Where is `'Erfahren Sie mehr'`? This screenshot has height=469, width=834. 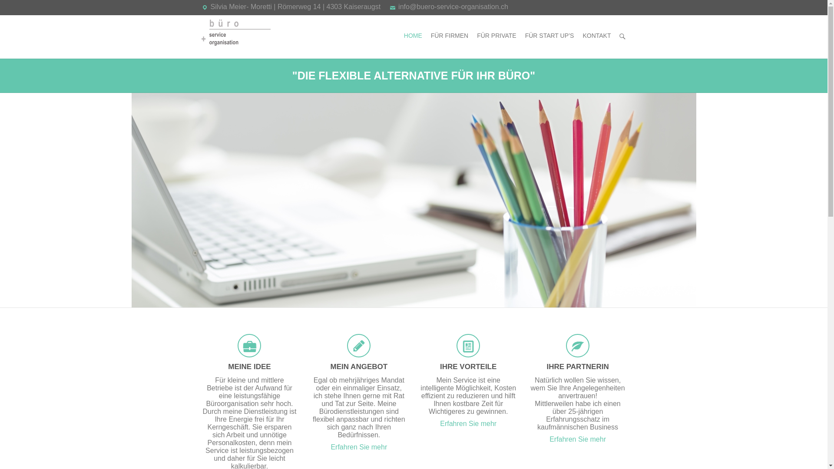
'Erfahren Sie mehr' is located at coordinates (577, 439).